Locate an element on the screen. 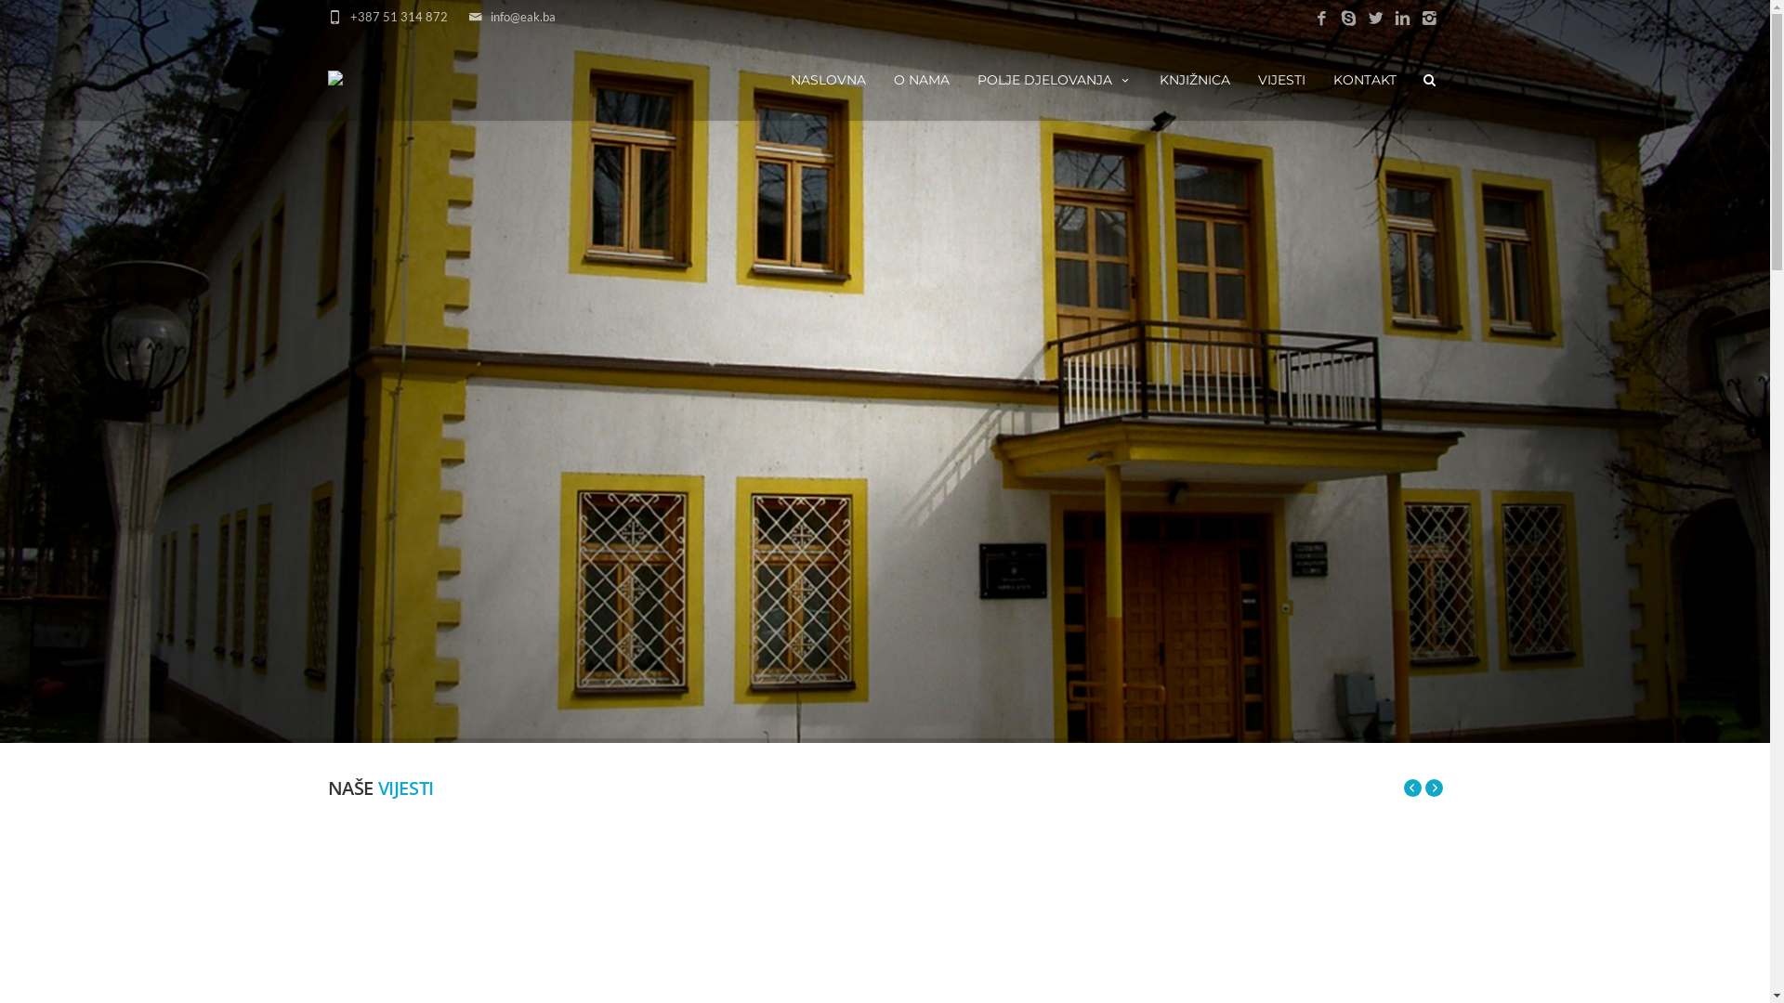  'VIJESTI' is located at coordinates (1243, 77).